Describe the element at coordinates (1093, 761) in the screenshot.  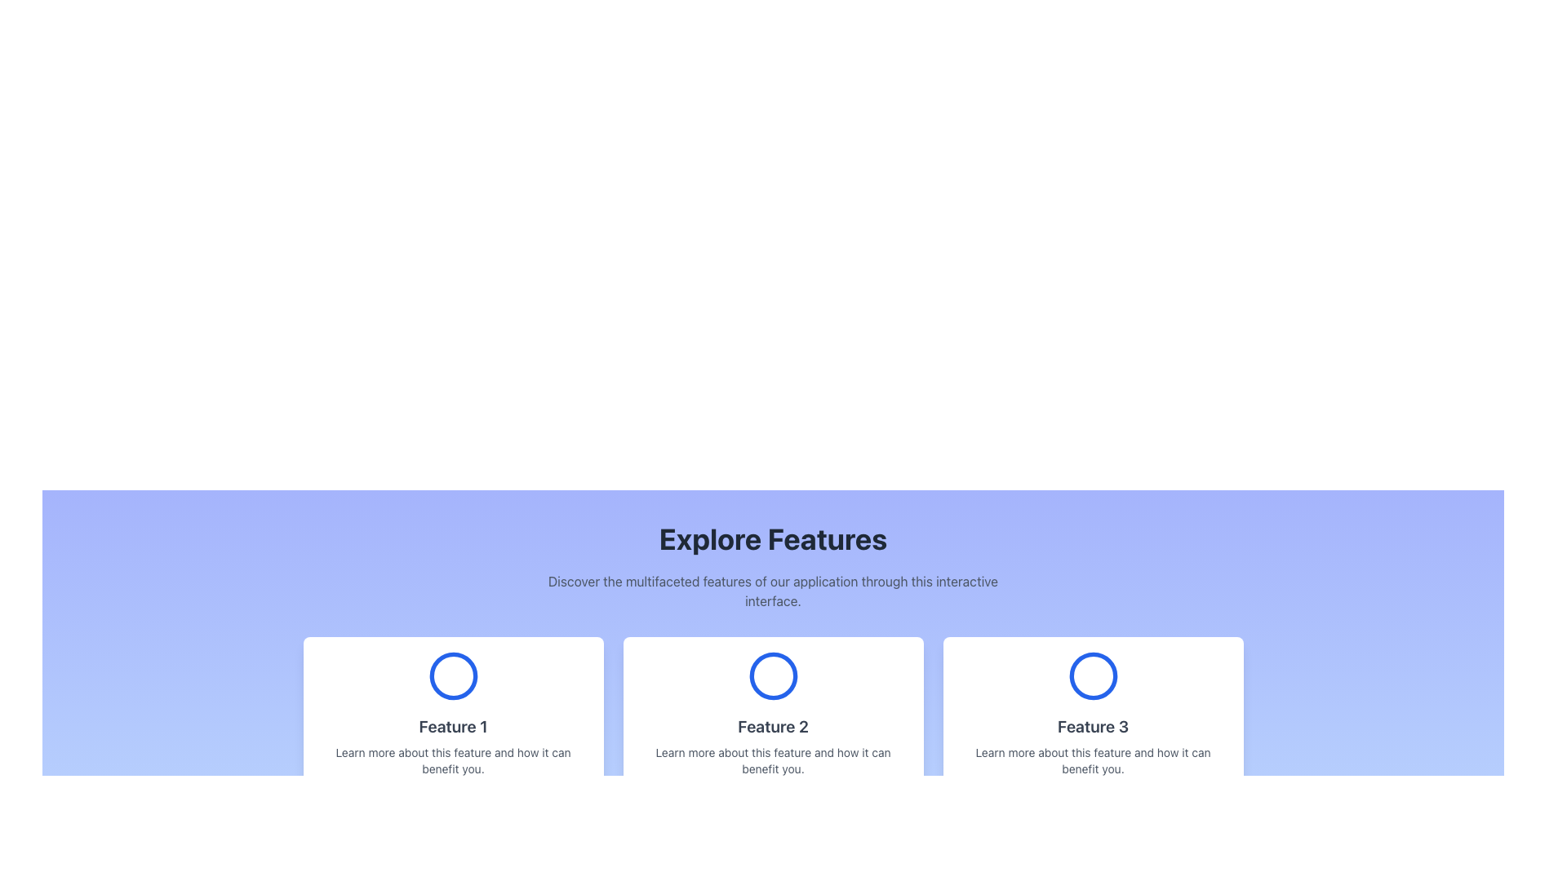
I see `the descriptive text label that says 'Learn more about this feature and how it can benefit you.' which is styled in gray and positioned below 'Feature 3' and above 'View Details'` at that location.